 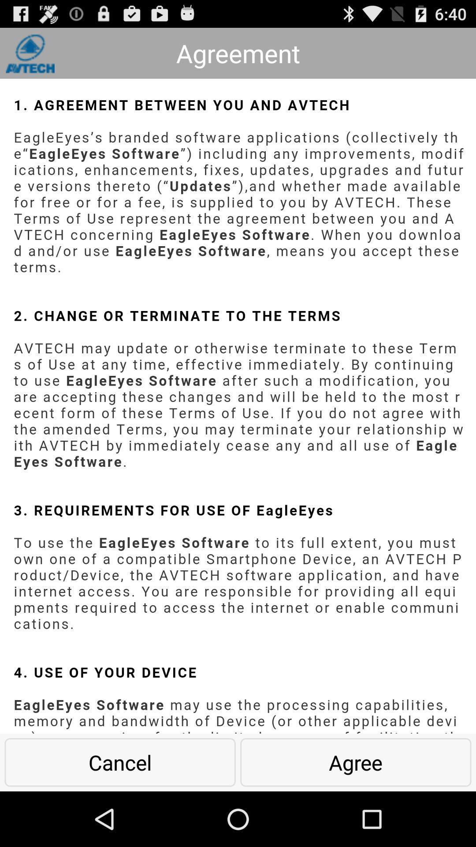 I want to click on file, so click(x=238, y=405).